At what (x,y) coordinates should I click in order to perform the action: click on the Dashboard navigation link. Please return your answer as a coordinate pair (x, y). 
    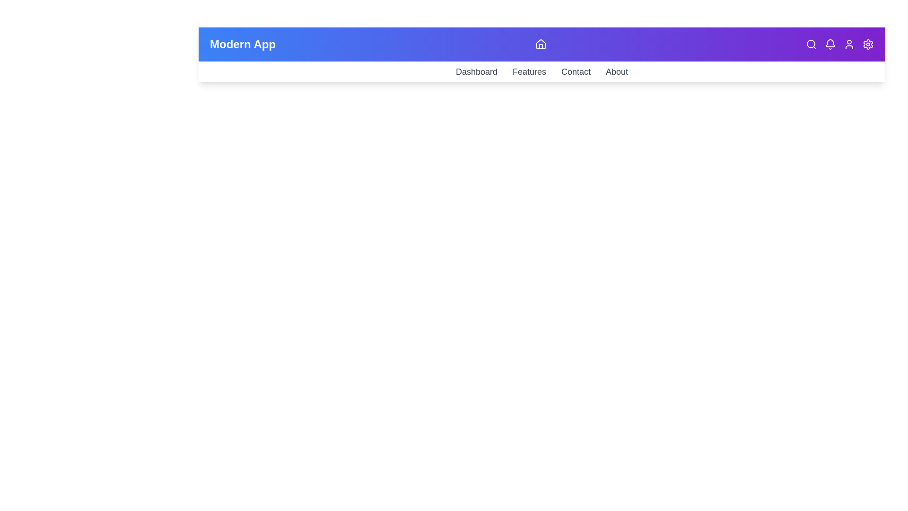
    Looking at the image, I should click on (477, 71).